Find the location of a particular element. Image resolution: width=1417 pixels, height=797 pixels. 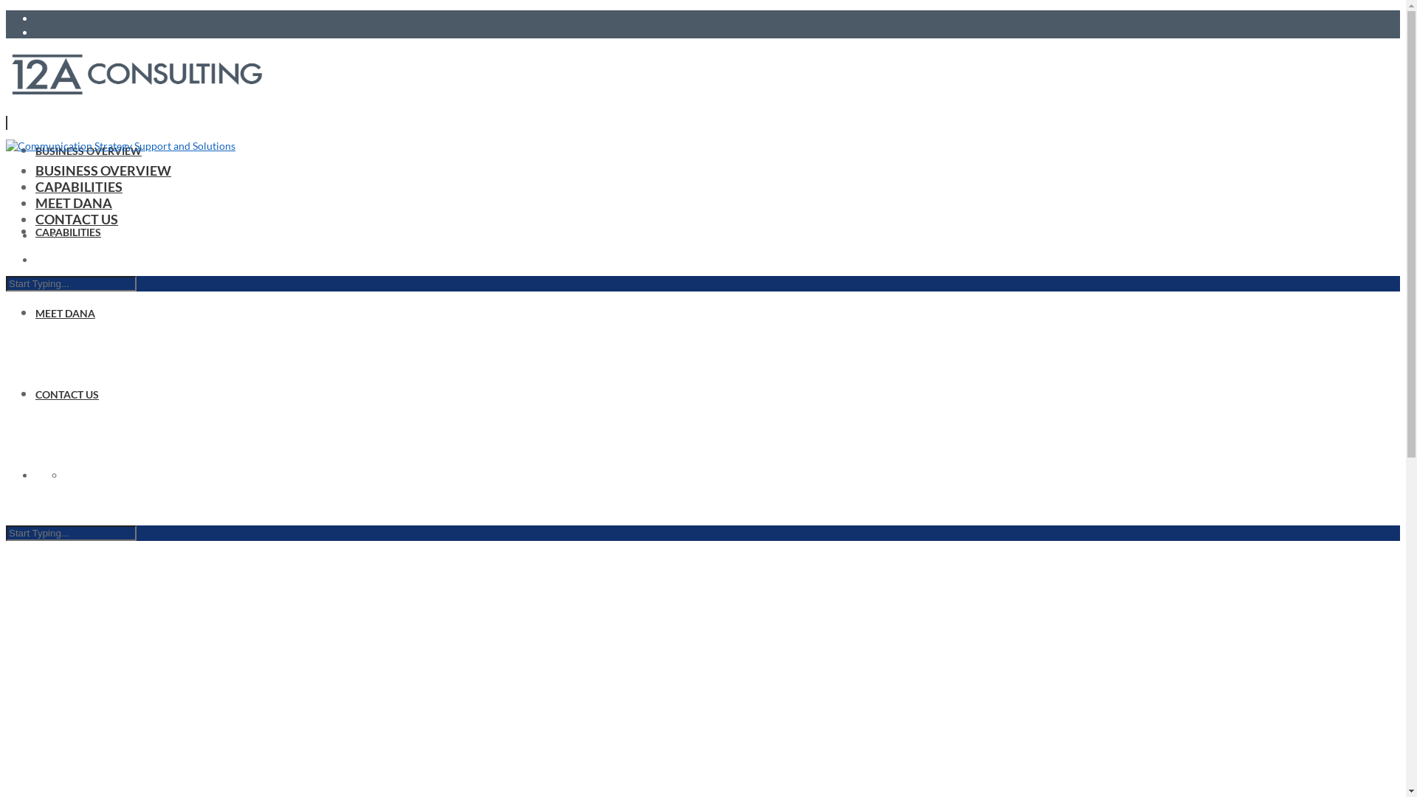

'Communication Strategy Support and Solutions' is located at coordinates (137, 72).